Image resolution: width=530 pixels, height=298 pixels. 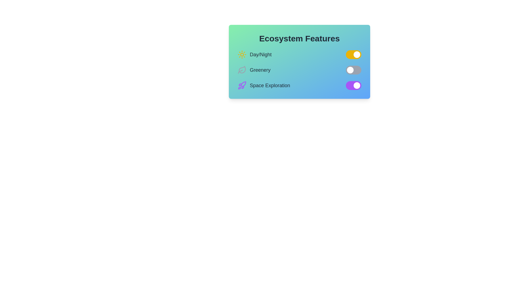 What do you see at coordinates (242, 70) in the screenshot?
I see `the gray leaf-shaped icon that represents nature, located beside the 'Greenery' label in the feature options list` at bounding box center [242, 70].